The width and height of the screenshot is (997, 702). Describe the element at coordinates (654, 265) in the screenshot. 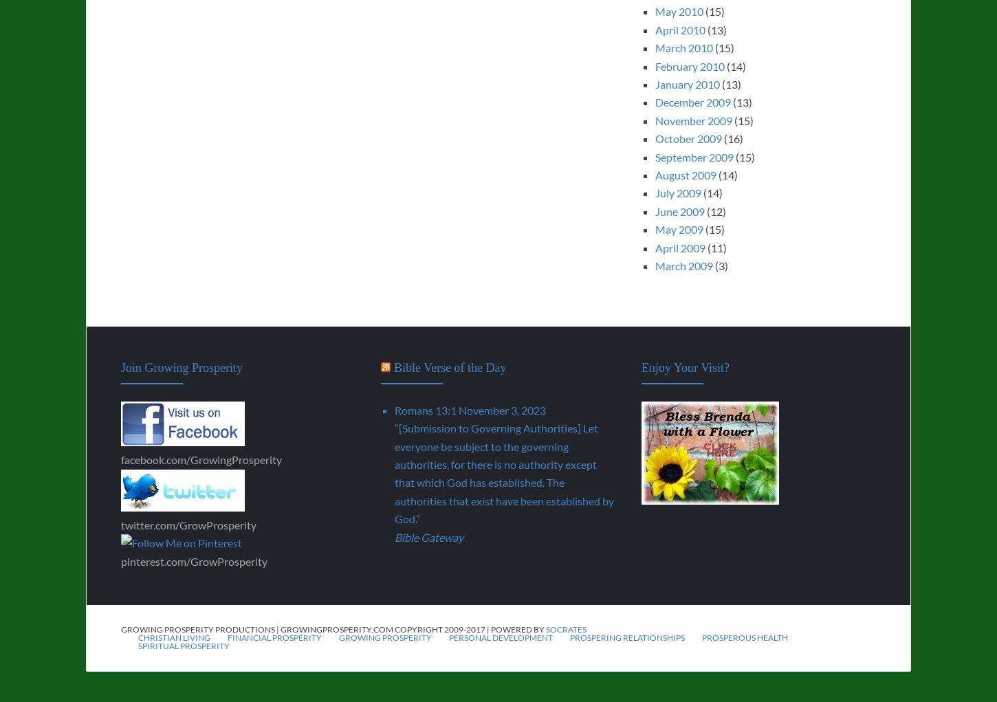

I see `'March 2009'` at that location.